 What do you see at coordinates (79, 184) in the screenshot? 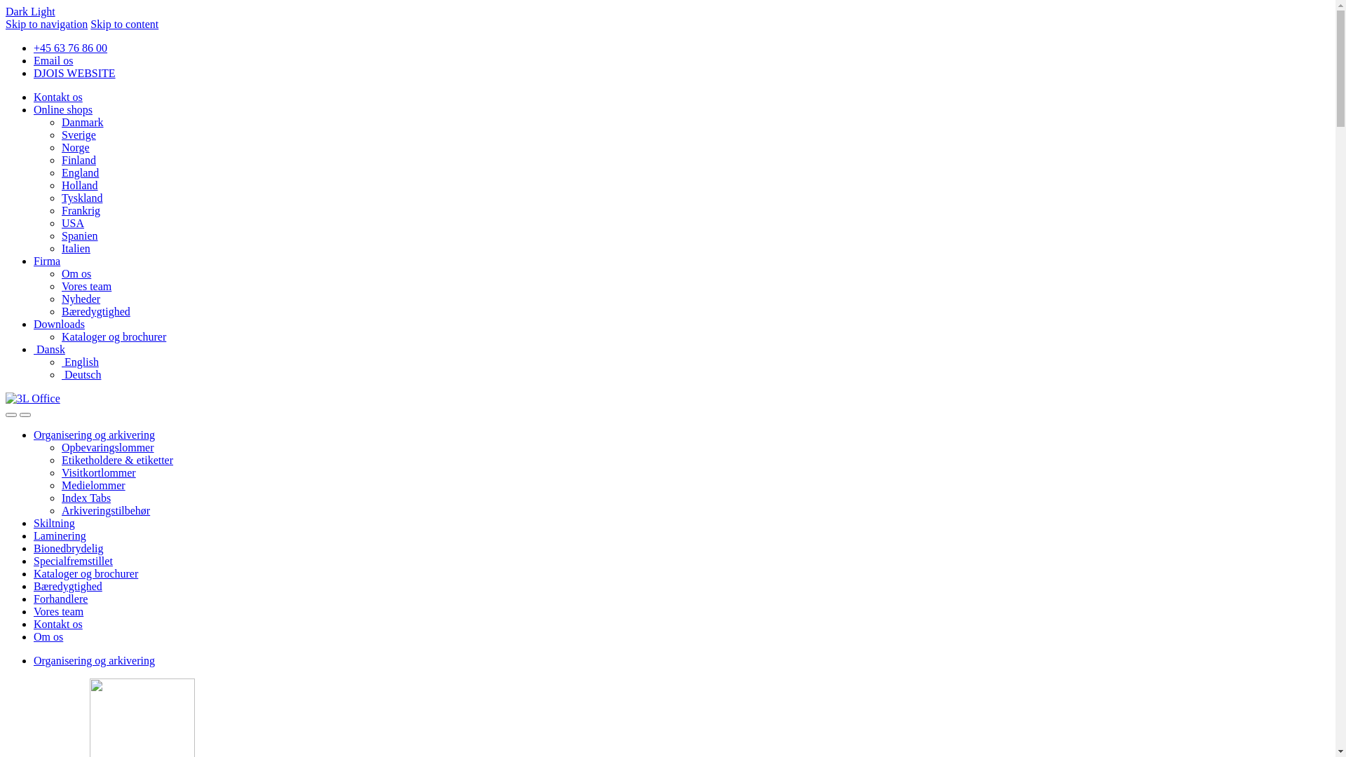
I see `'Holland'` at bounding box center [79, 184].